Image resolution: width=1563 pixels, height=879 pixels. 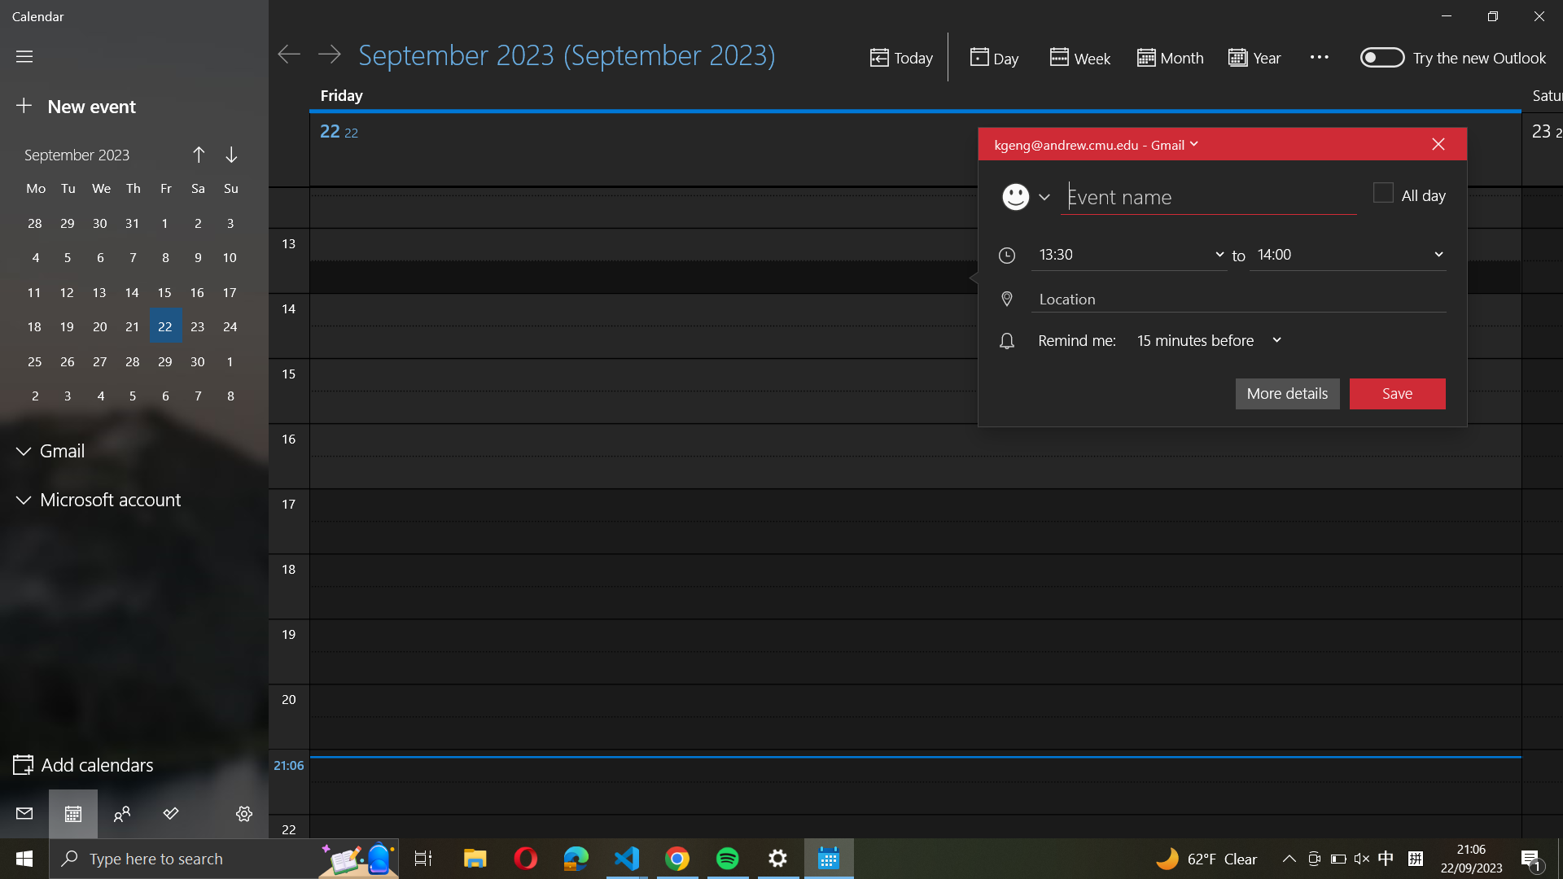 I want to click on Alter the calendar setting to show the entire year, so click(x=1258, y=56).